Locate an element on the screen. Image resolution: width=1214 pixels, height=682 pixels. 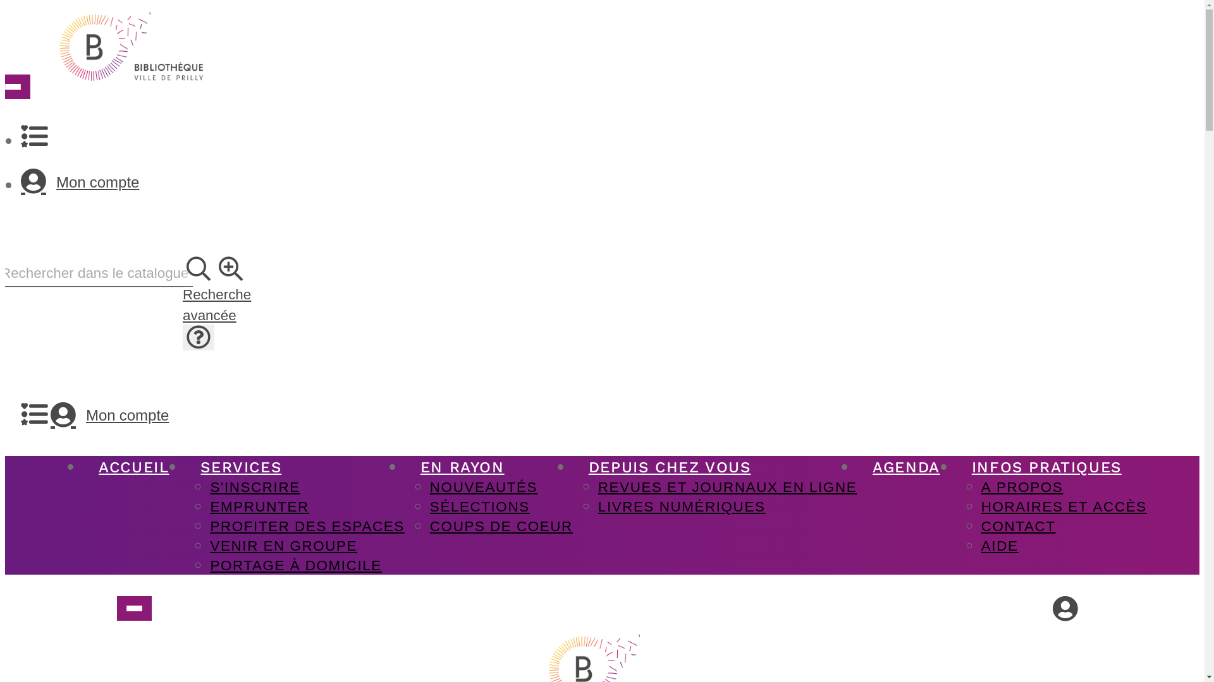
'Consulter l'aide de la recherche' is located at coordinates (197, 337).